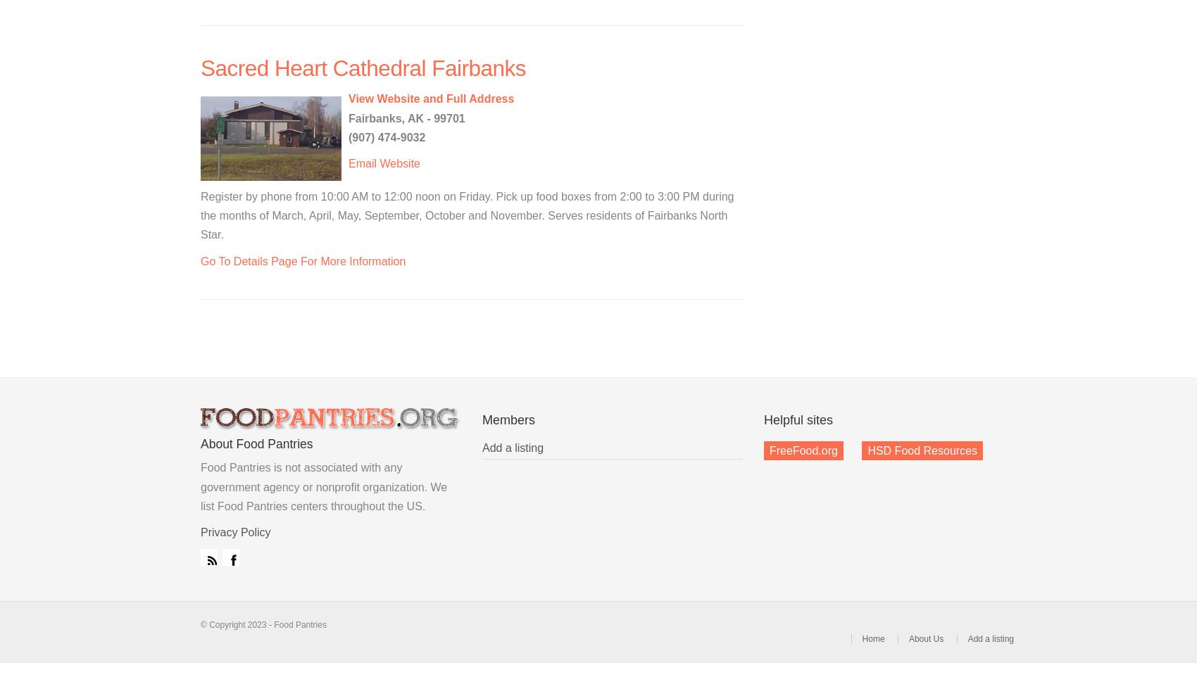  Describe the element at coordinates (200, 624) in the screenshot. I see `'© Copyright 2023 - Food Pantries'` at that location.